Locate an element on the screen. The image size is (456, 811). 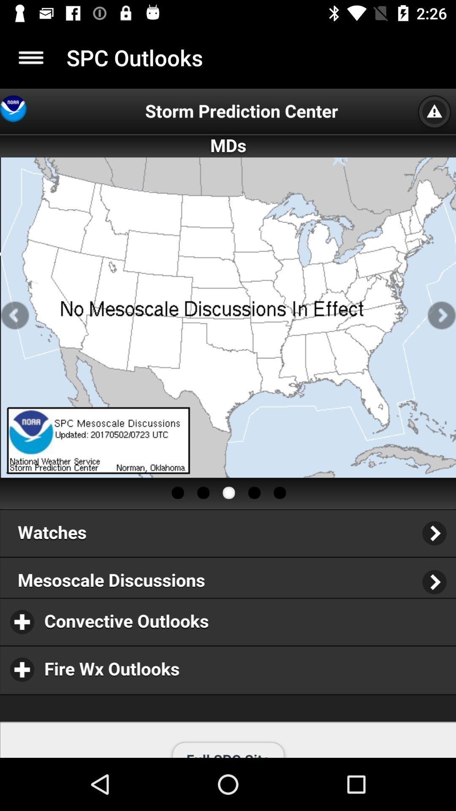
menu is located at coordinates (30, 57).